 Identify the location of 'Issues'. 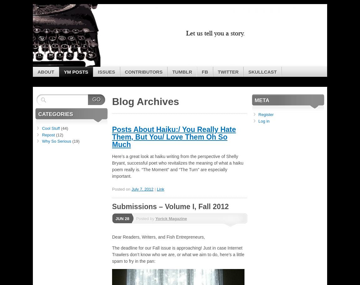
(106, 71).